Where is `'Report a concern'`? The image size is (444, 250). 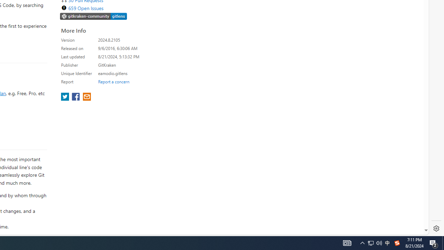 'Report a concern' is located at coordinates (113, 81).